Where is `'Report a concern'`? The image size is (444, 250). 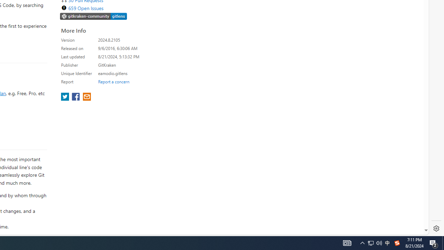 'Report a concern' is located at coordinates (113, 81).